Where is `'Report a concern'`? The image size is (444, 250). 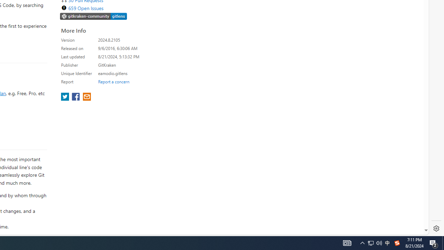 'Report a concern' is located at coordinates (113, 81).